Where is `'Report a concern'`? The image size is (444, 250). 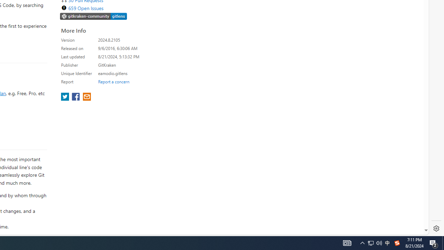 'Report a concern' is located at coordinates (113, 81).